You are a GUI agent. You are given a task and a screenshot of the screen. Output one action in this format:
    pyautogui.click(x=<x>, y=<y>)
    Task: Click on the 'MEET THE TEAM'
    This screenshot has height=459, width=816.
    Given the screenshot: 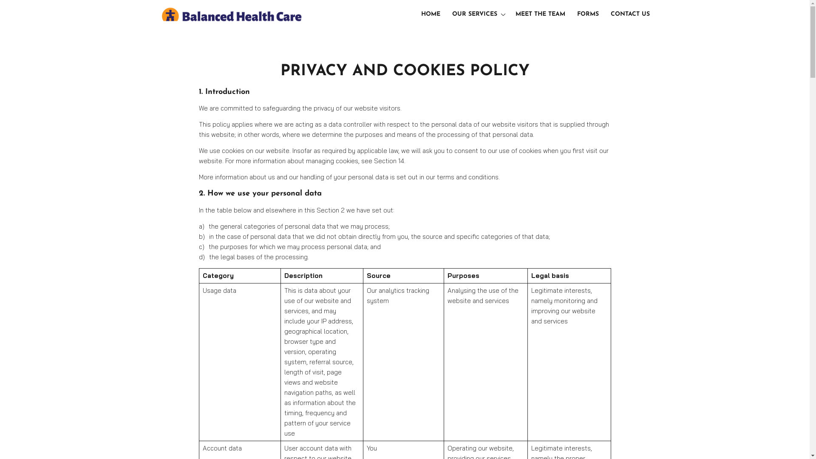 What is the action you would take?
    pyautogui.click(x=540, y=14)
    